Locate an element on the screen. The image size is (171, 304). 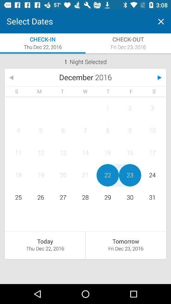
exit out is located at coordinates (161, 22).